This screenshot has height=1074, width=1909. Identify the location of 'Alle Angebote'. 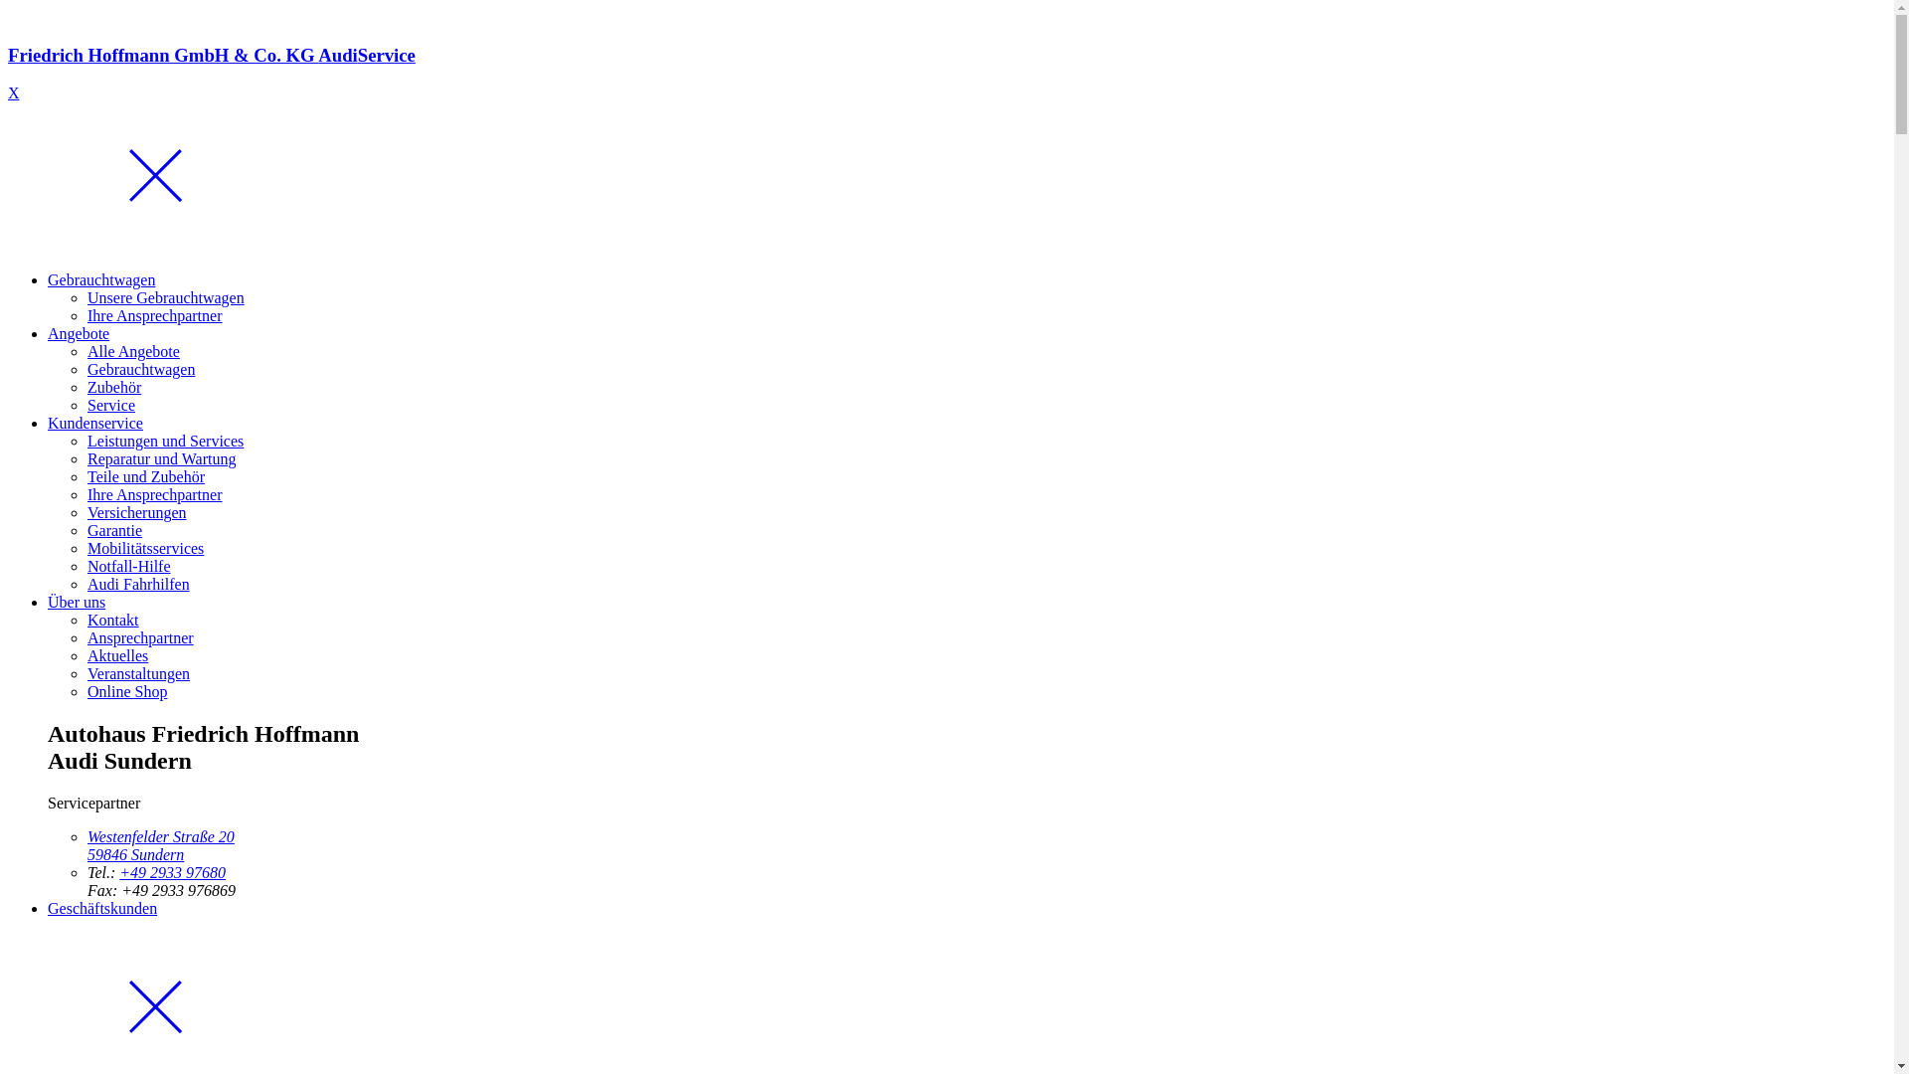
(132, 350).